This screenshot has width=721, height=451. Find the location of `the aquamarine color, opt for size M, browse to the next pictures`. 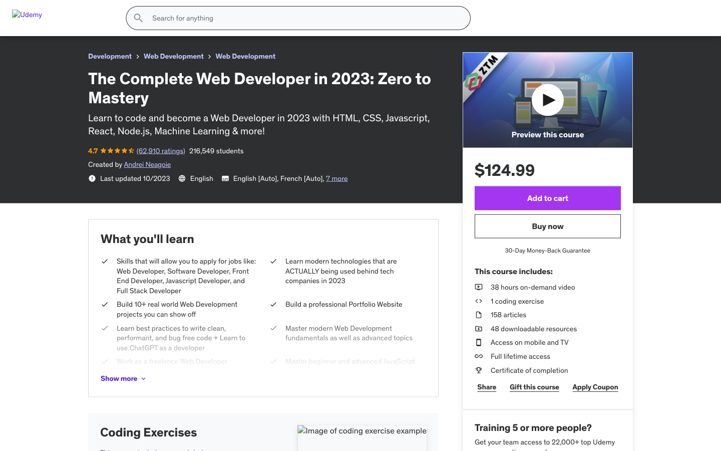

the aquamarine color, opt for size M, browse to the next pictures is located at coordinates (520, 193).